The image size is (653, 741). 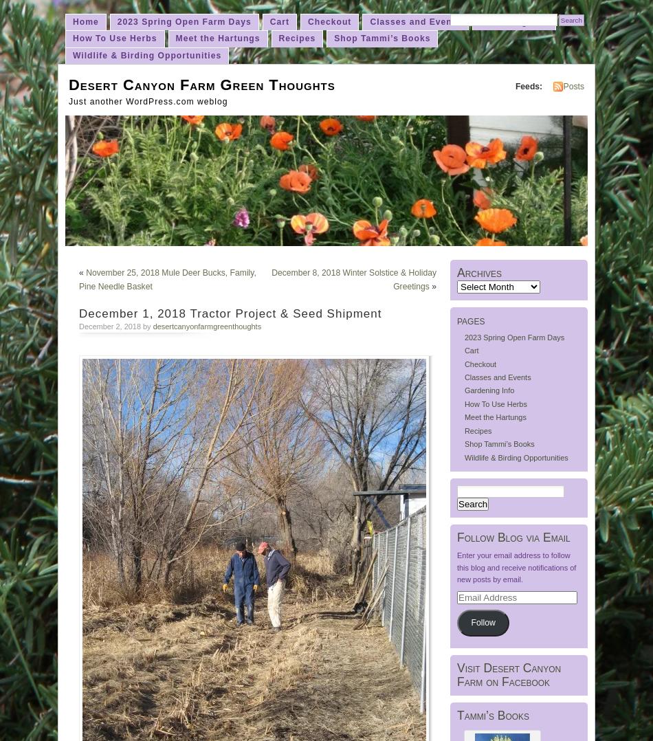 What do you see at coordinates (515, 457) in the screenshot?
I see `'Wildlife & Birding Opportunities'` at bounding box center [515, 457].